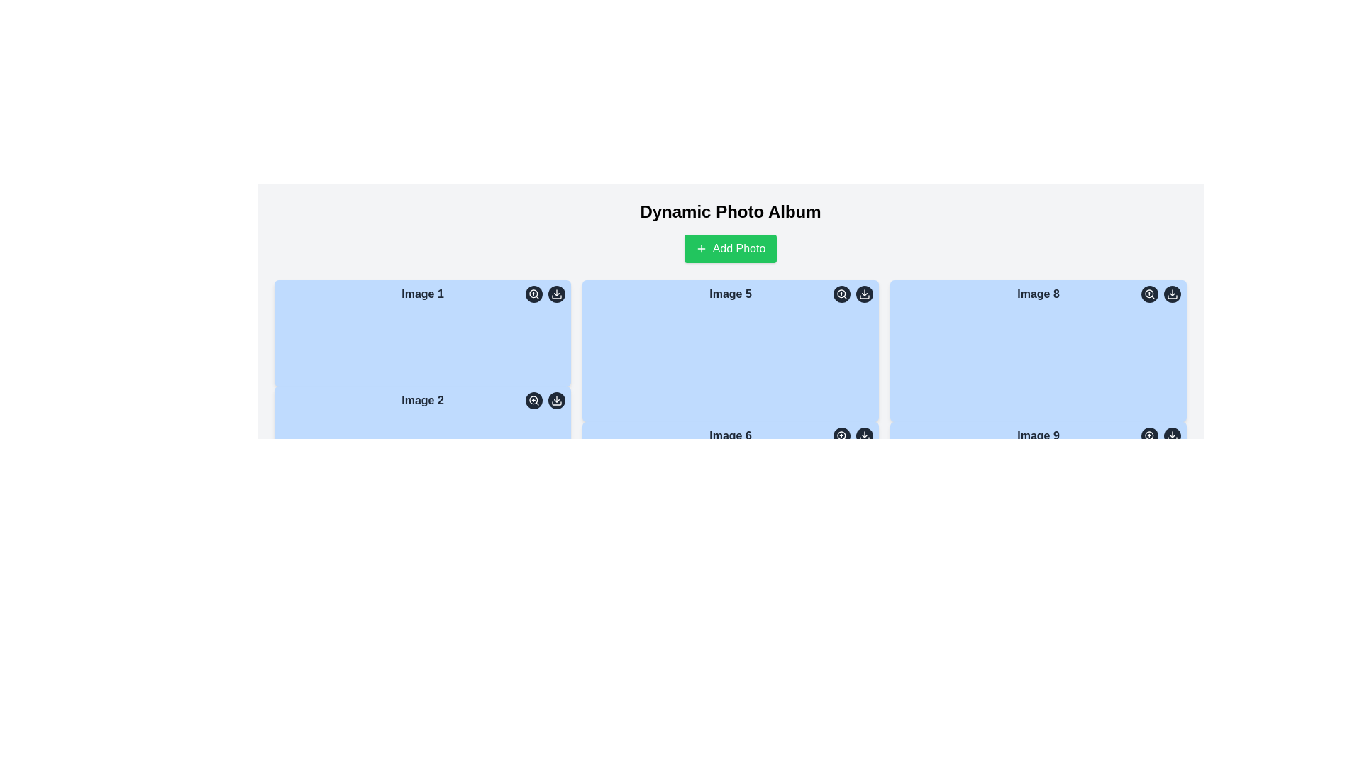 This screenshot has height=766, width=1362. What do you see at coordinates (841, 293) in the screenshot?
I see `the central circular icon of the zoom-in feature located in the top-right corner above the 'Image 5' section` at bounding box center [841, 293].